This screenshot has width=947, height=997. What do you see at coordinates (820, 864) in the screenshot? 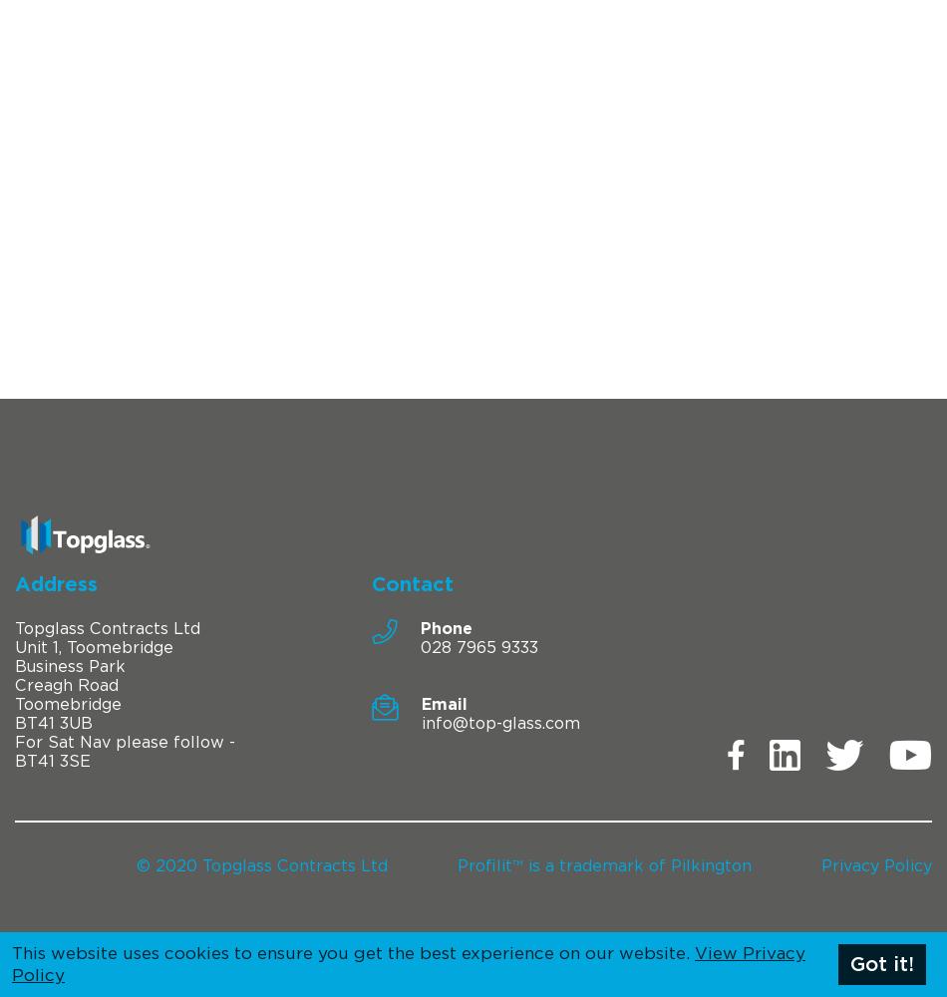
I see `'Privacy Policy'` at bounding box center [820, 864].